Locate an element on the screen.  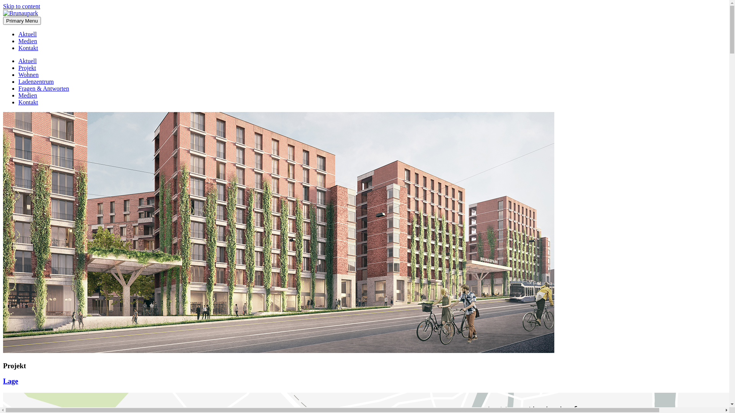
'Primary Menu' is located at coordinates (22, 20).